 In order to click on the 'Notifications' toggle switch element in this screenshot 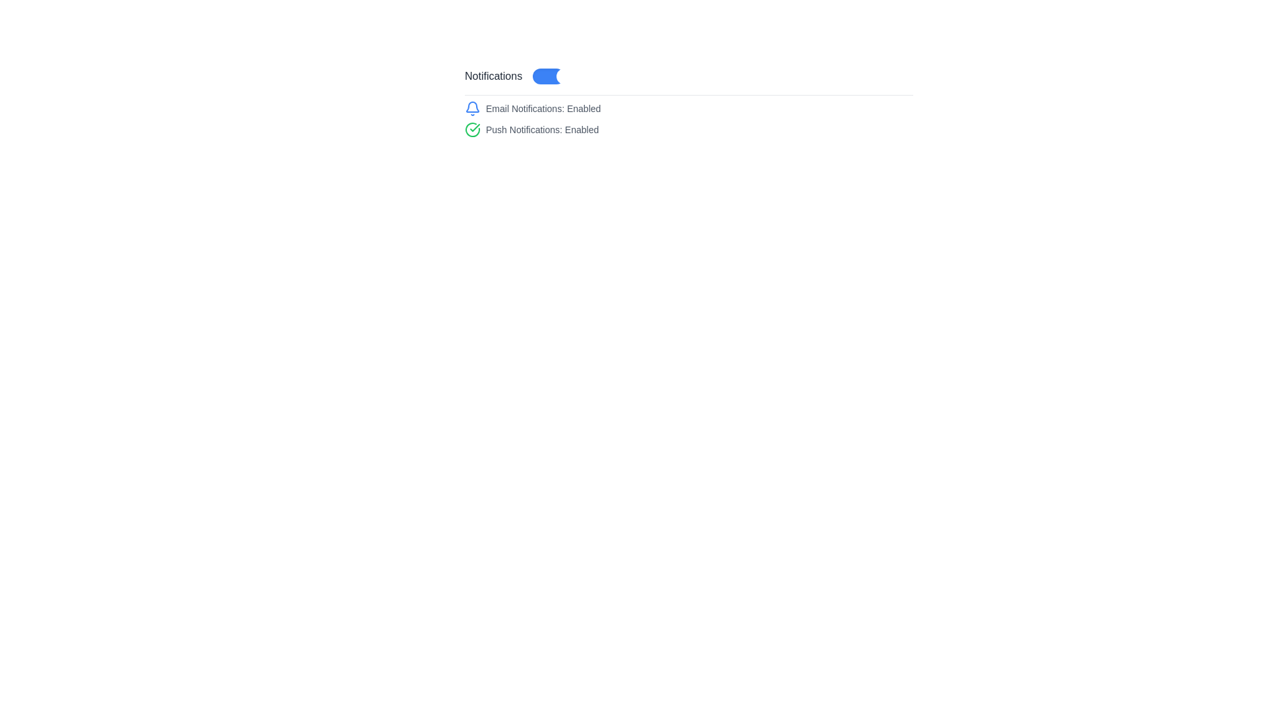, I will do `click(688, 76)`.